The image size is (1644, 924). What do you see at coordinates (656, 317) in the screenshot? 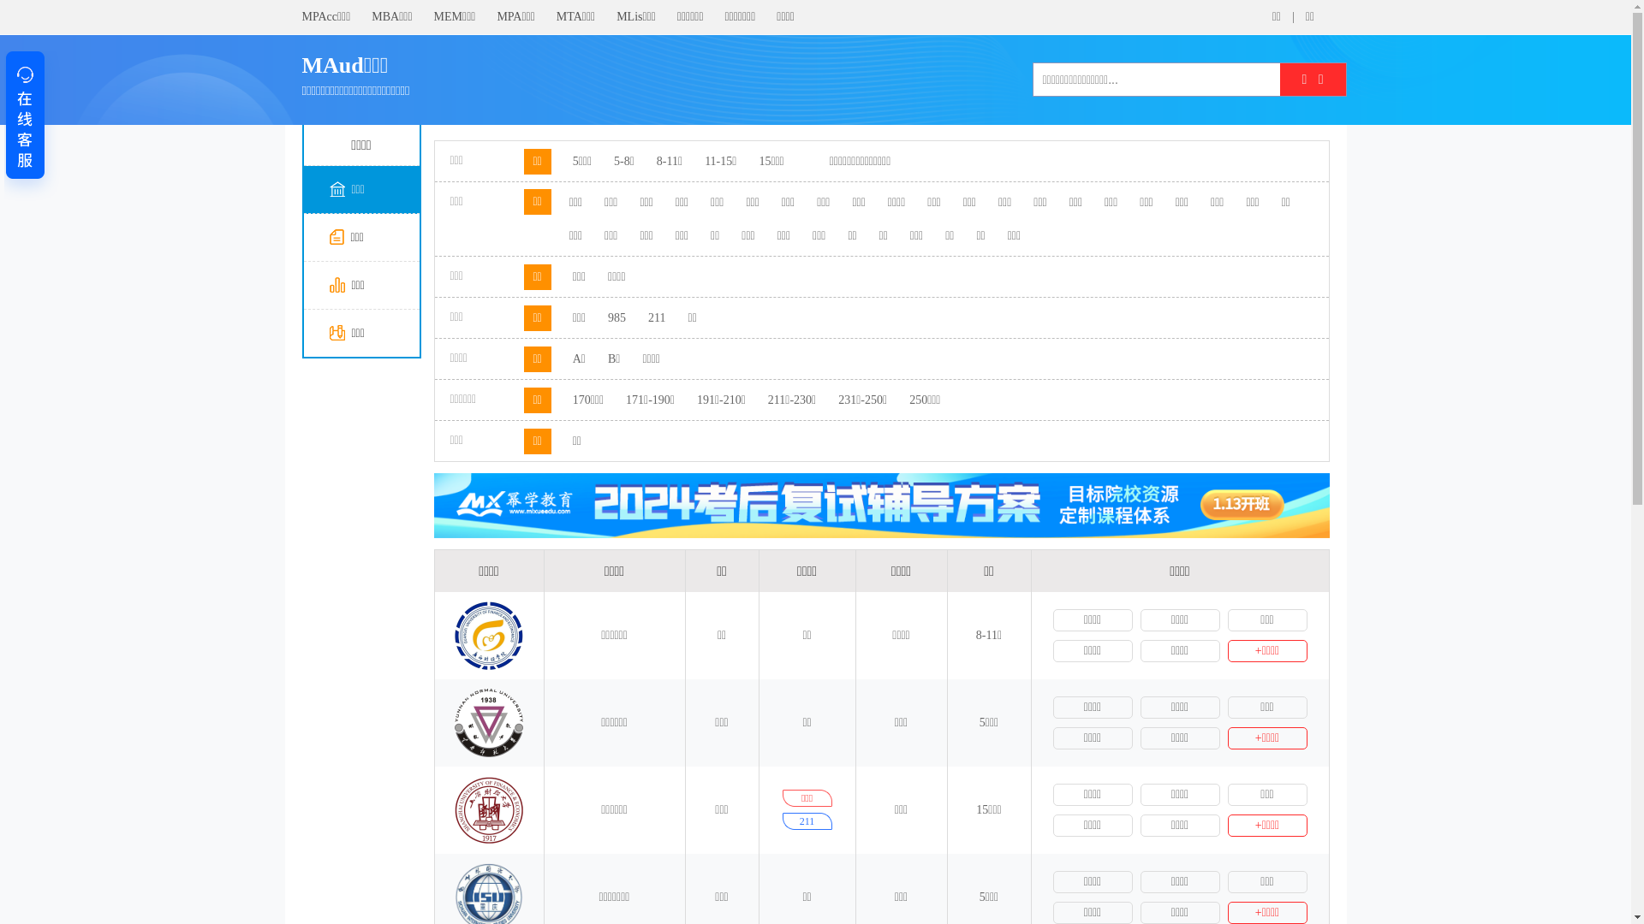
I see `'211'` at bounding box center [656, 317].